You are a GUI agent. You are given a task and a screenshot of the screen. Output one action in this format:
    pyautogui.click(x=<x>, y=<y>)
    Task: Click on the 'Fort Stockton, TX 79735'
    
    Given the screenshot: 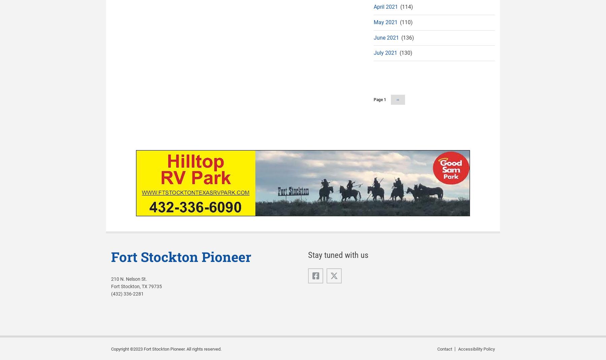 What is the action you would take?
    pyautogui.click(x=110, y=286)
    